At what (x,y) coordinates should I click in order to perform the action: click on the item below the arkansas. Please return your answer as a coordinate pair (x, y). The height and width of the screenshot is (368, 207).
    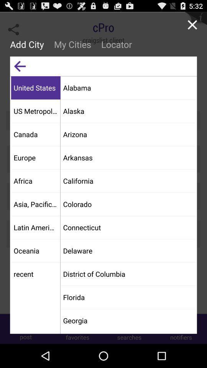
    Looking at the image, I should click on (128, 181).